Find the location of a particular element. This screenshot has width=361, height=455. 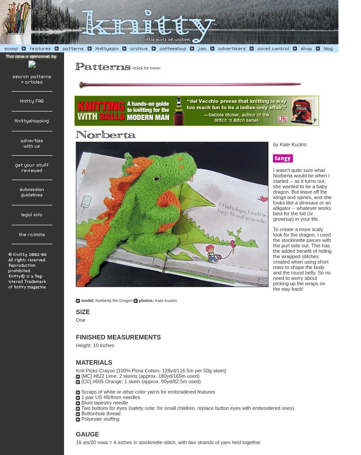

'Height: 10 inches' is located at coordinates (75, 345).